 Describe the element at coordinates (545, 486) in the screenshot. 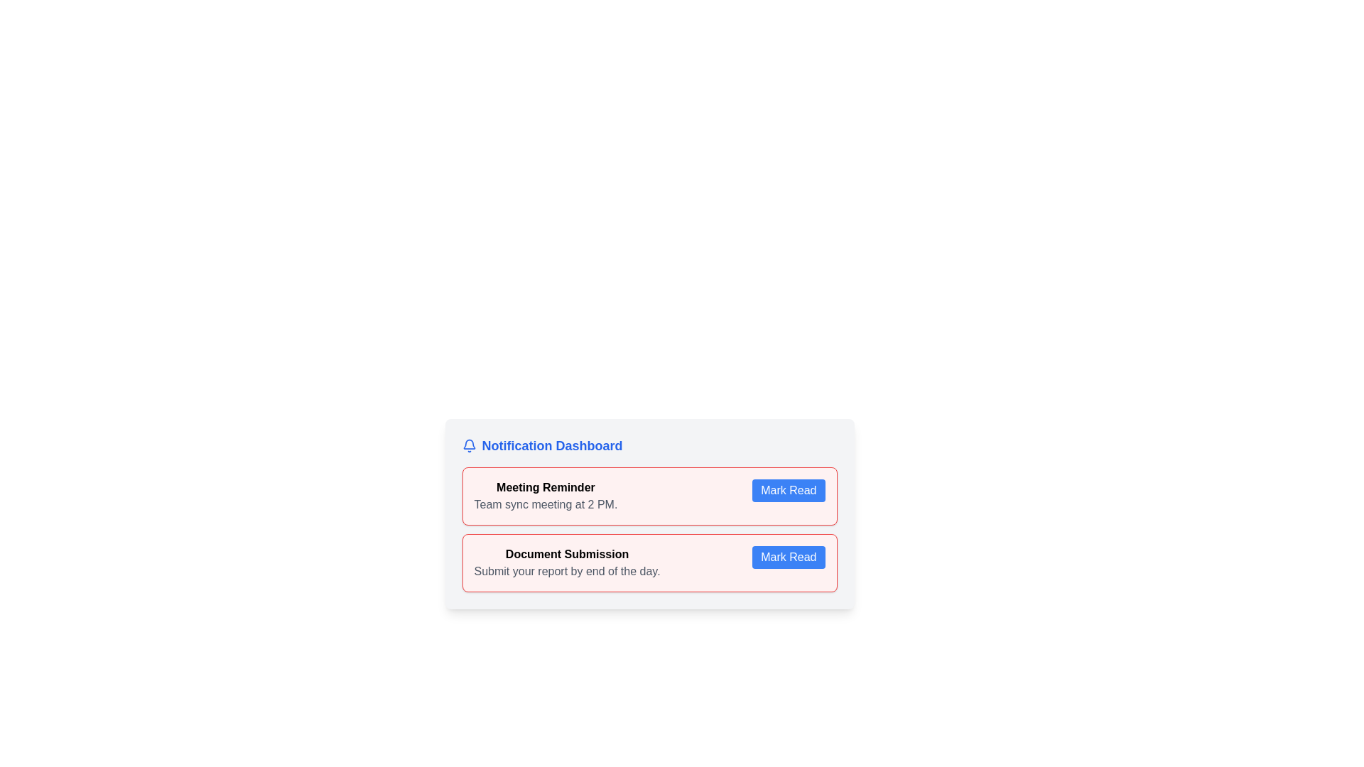

I see `text 'Meeting Reminder' from the bolded text label located in the notification card above the subtext 'Team sync meeting at 2 PM.'` at that location.